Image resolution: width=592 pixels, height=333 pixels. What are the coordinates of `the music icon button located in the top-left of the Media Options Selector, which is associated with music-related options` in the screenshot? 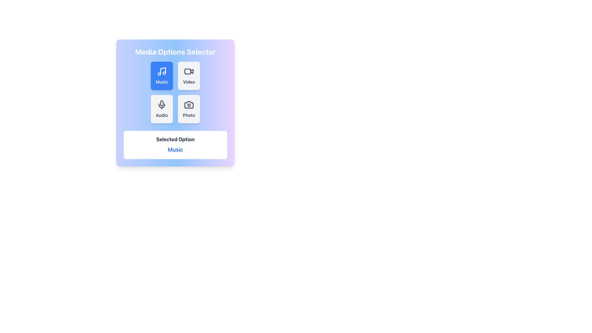 It's located at (163, 71).